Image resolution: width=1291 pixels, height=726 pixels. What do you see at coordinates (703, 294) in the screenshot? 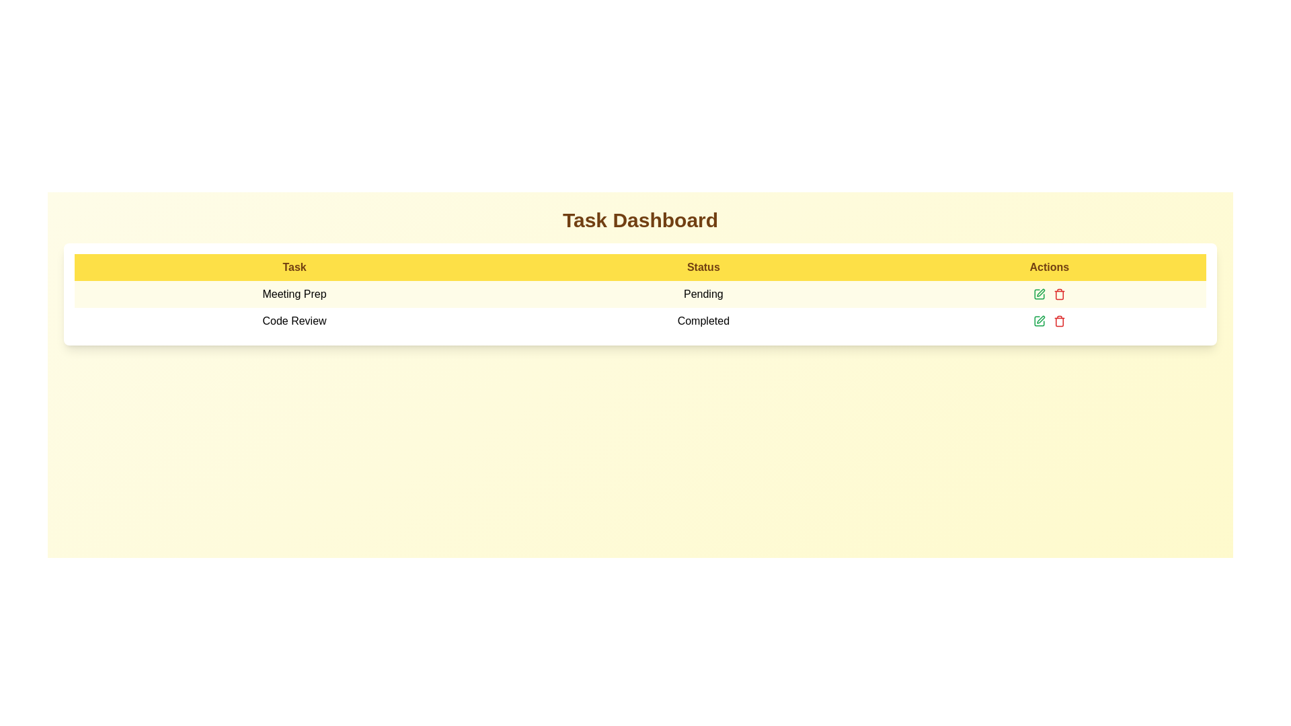
I see `the status indicator text label that displays the current state of the associated task, located in the second column of the first data row, adjacent to 'Meeting Prep' and action icons` at bounding box center [703, 294].